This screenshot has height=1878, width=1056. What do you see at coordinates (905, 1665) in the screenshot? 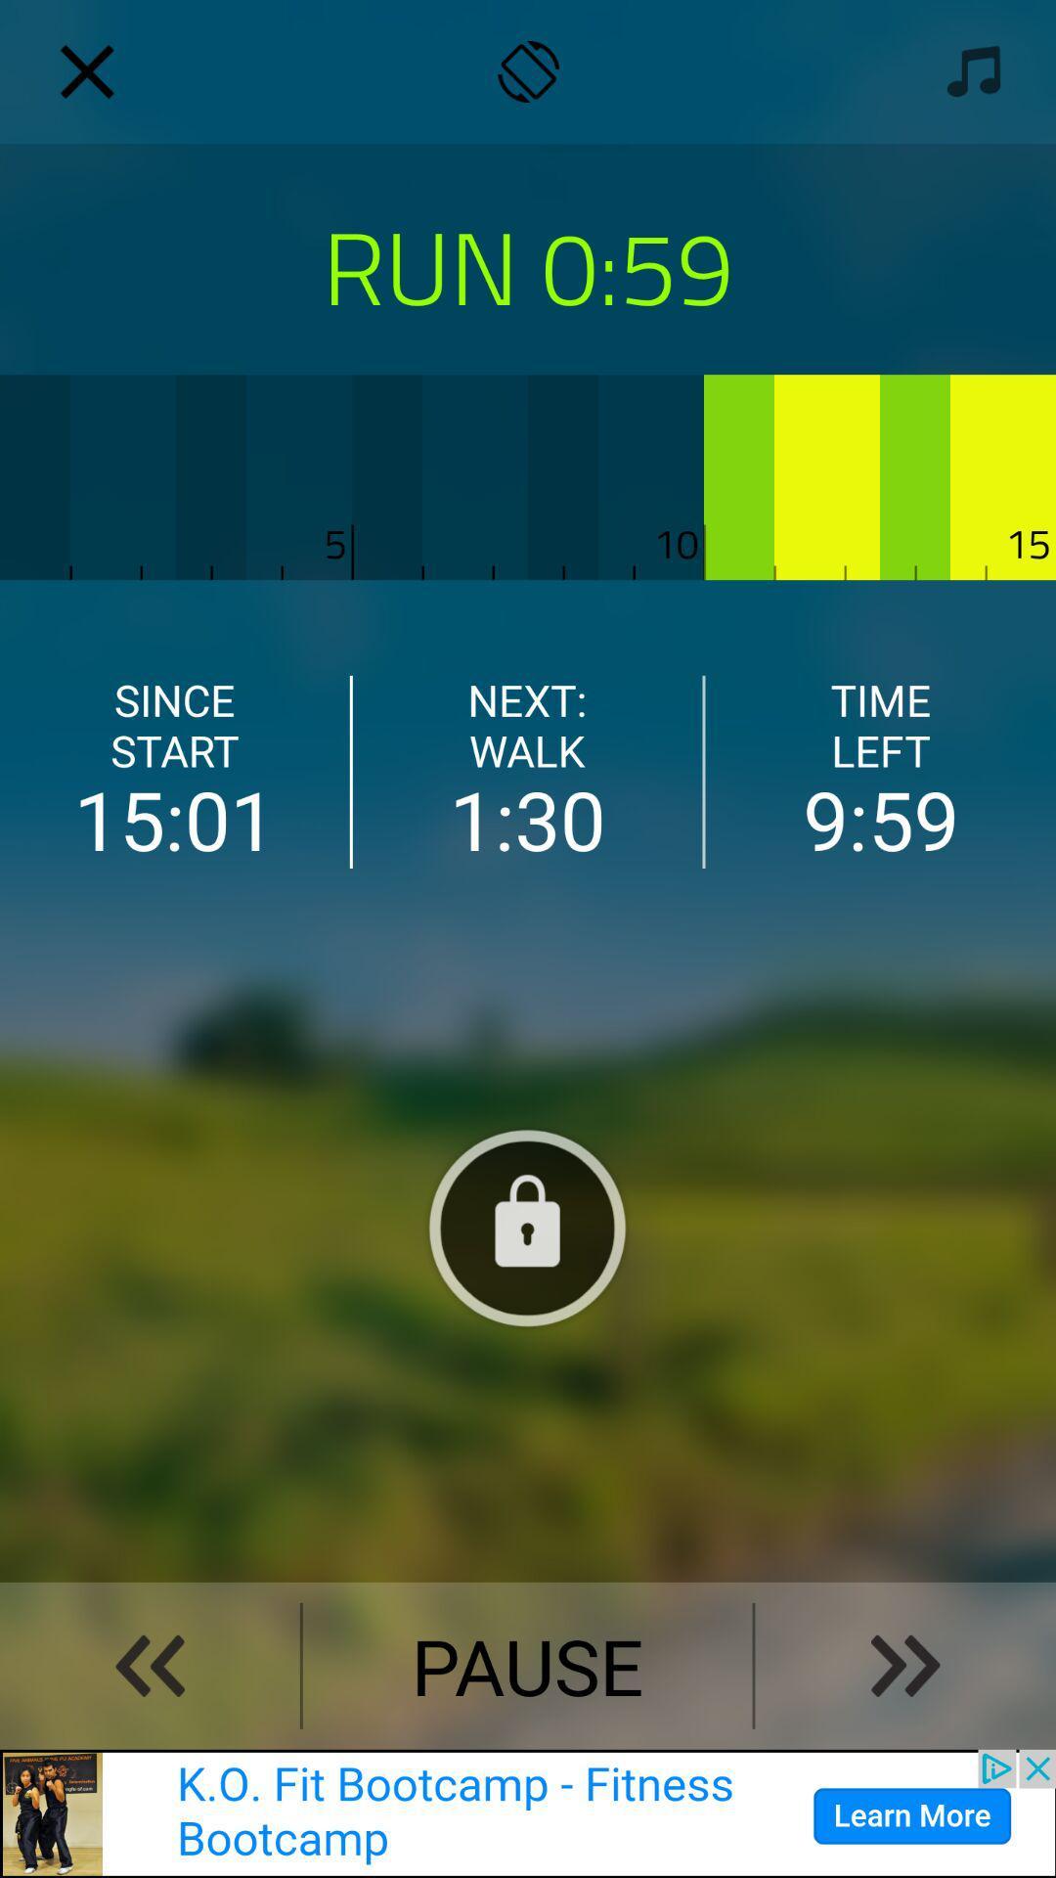
I see `next option` at bounding box center [905, 1665].